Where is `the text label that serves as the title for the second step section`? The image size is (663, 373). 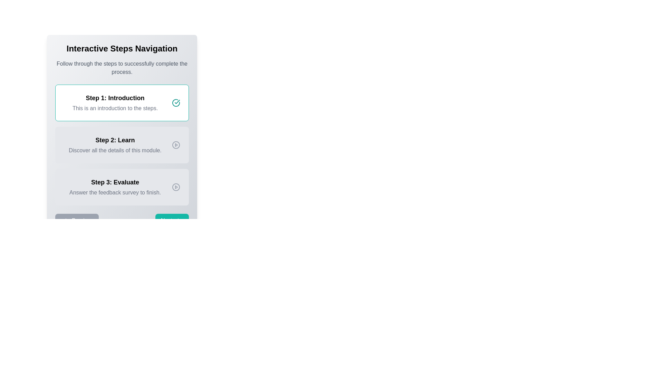 the text label that serves as the title for the second step section is located at coordinates (115, 140).